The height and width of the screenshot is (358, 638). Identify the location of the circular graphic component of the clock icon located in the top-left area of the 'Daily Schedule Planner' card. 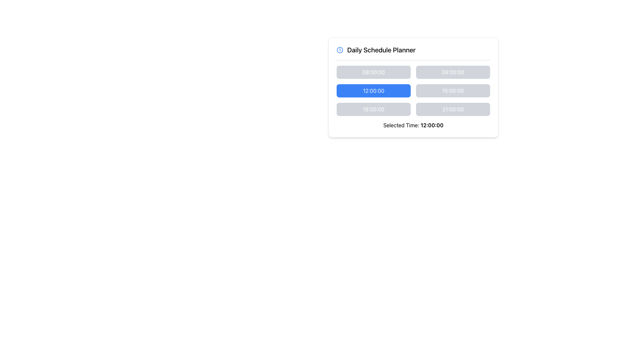
(340, 49).